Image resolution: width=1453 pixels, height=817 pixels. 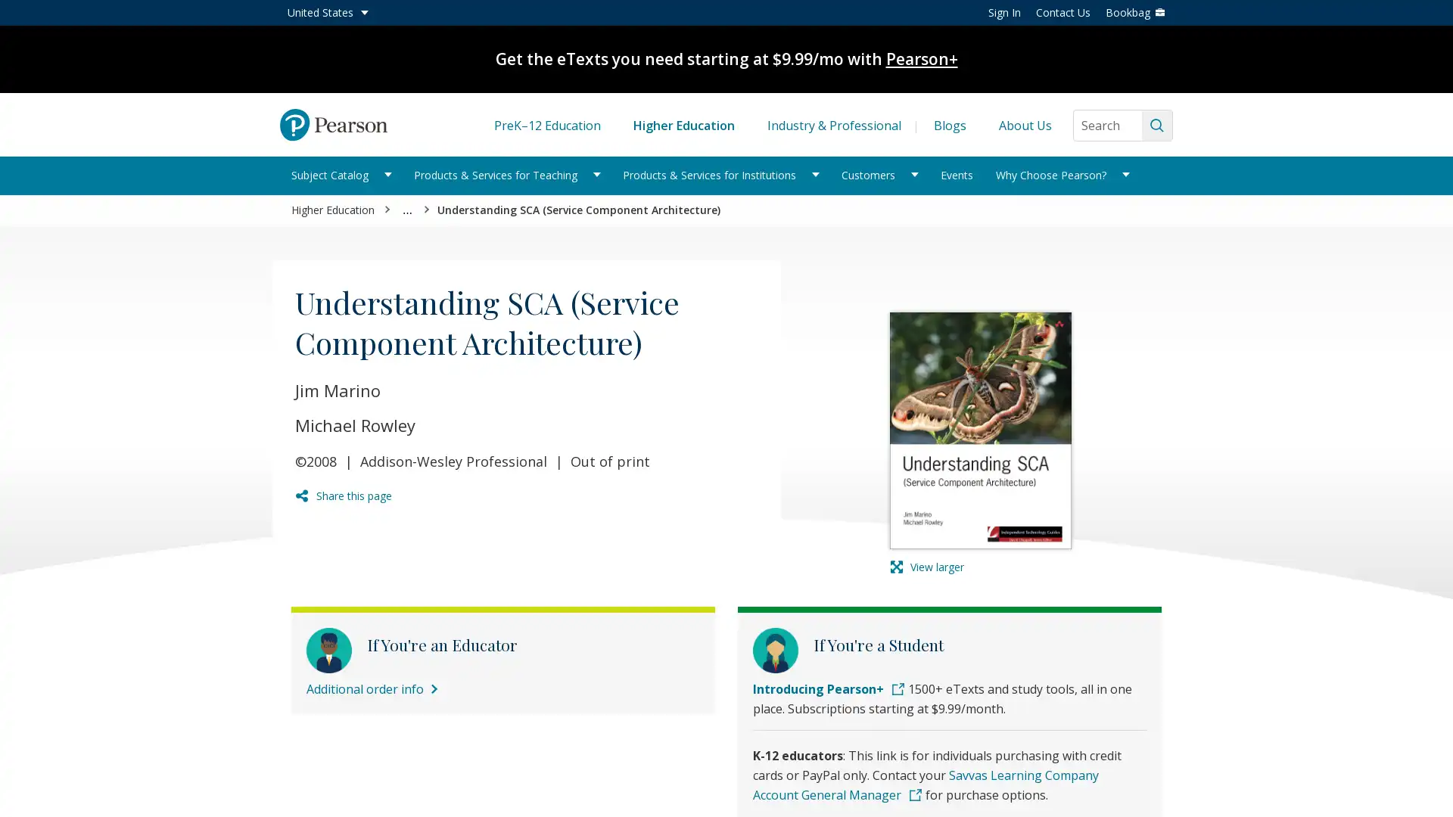 What do you see at coordinates (343, 495) in the screenshot?
I see `Share this page` at bounding box center [343, 495].